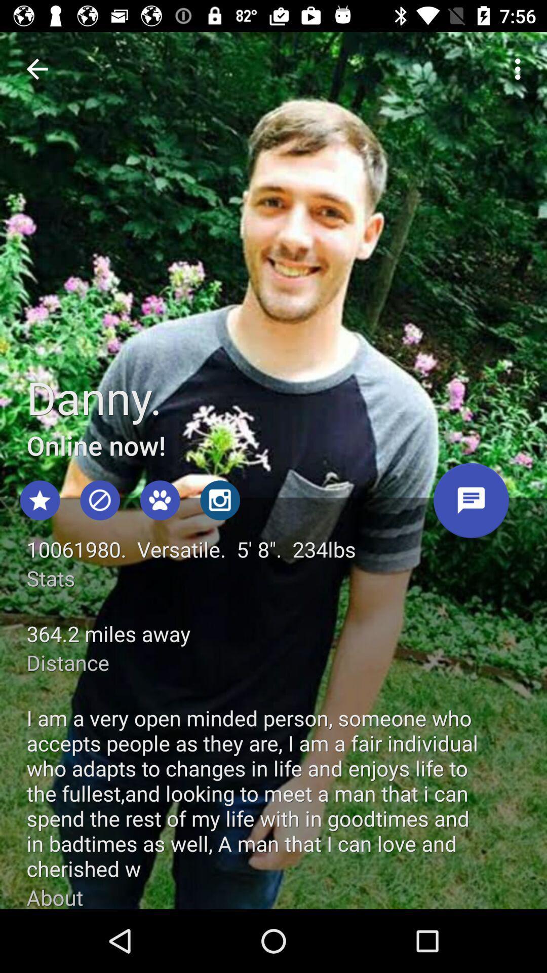 The height and width of the screenshot is (973, 547). I want to click on send a message, so click(471, 504).